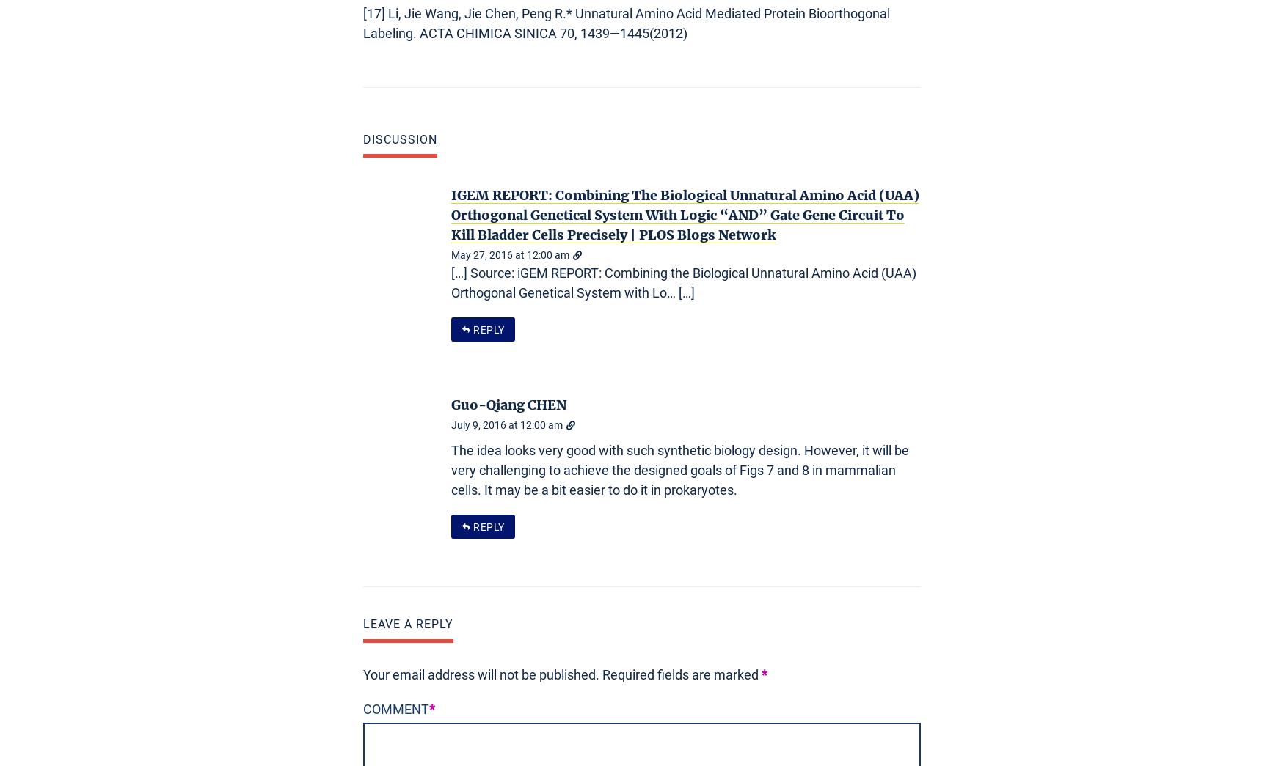 The width and height of the screenshot is (1284, 766). Describe the element at coordinates (508, 405) in the screenshot. I see `'Guo-Qiang CHEN'` at that location.